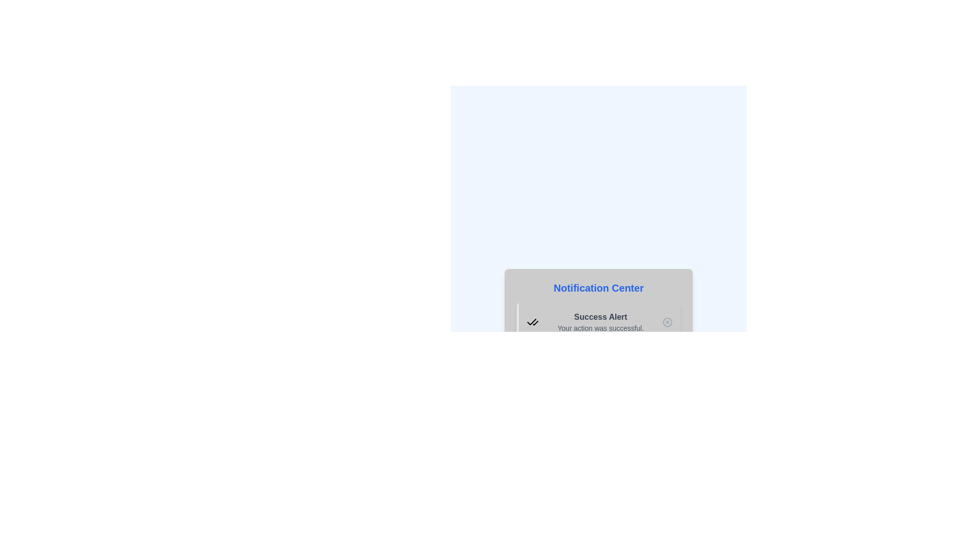  I want to click on text label displaying 'Your action was successful.' which is styled in gray and located below the title 'Success Alert' in the notification structure, so click(601, 328).